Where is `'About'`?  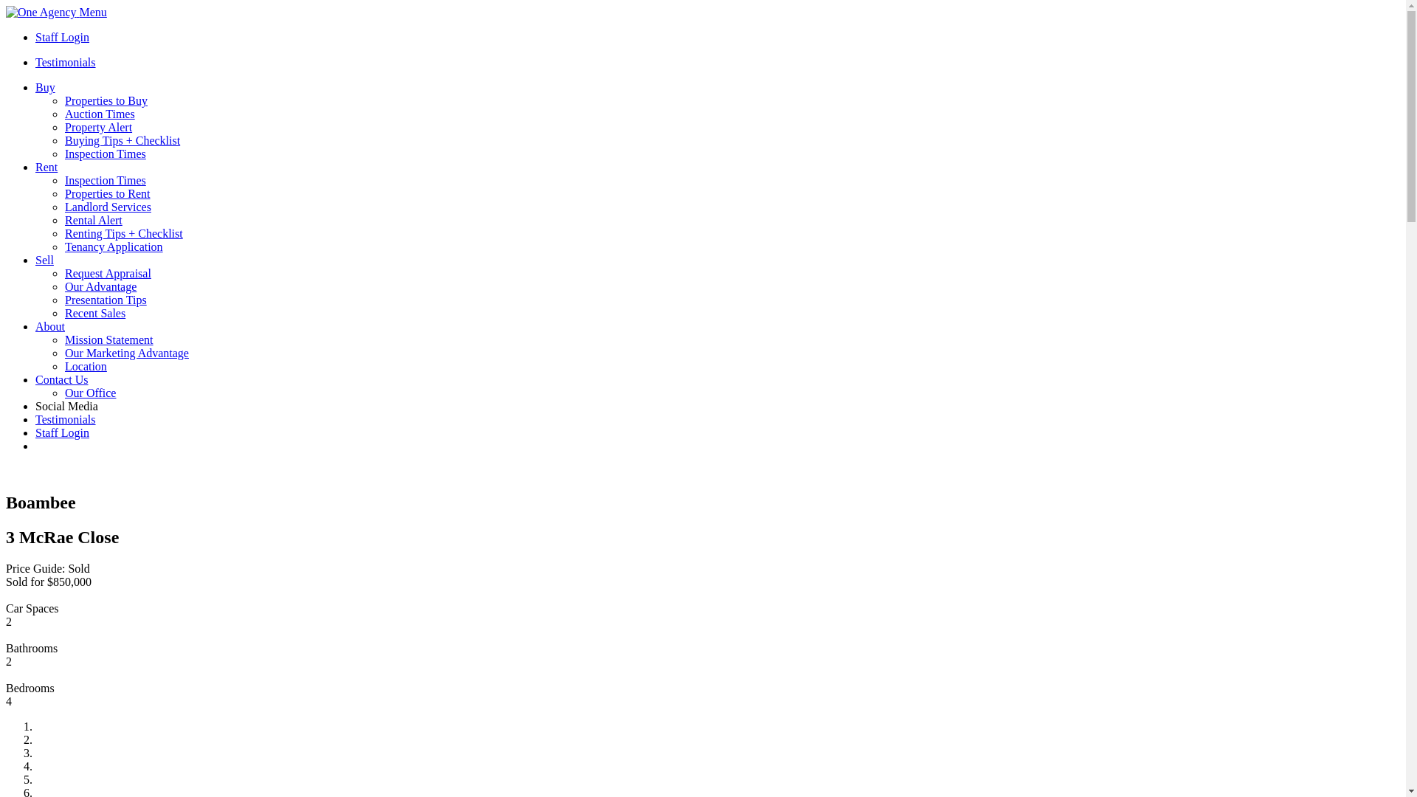 'About' is located at coordinates (49, 325).